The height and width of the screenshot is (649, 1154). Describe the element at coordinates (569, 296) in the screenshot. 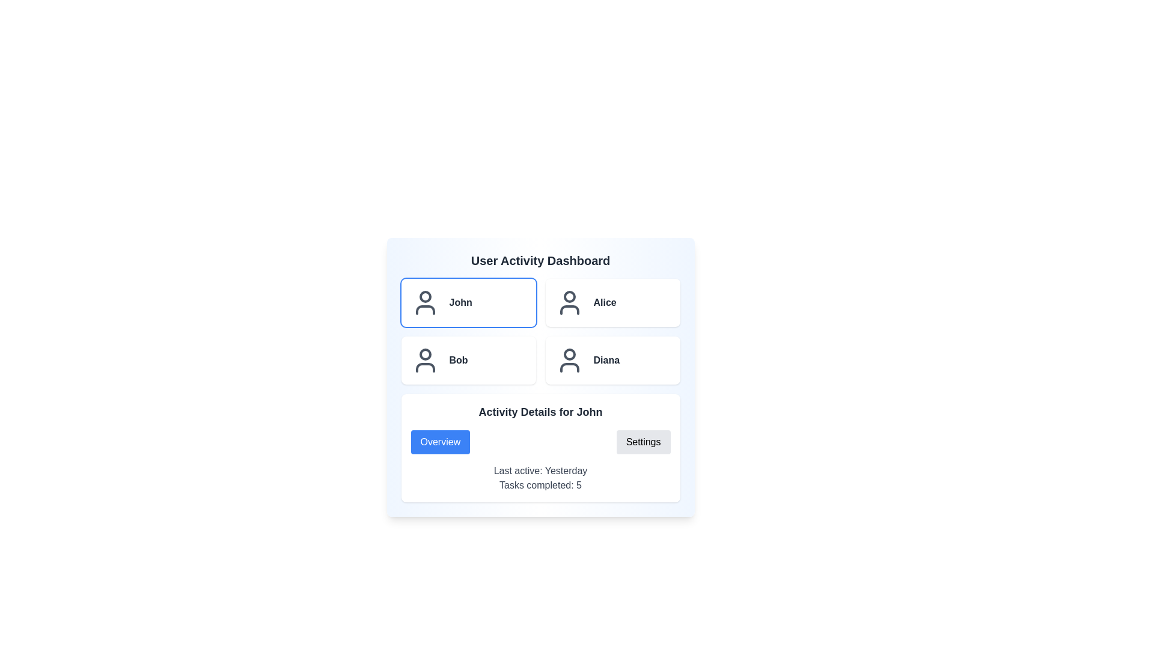

I see `the circular graphical component representing Alice's user profile icon located in the top-right quadrant of the user dashboard` at that location.